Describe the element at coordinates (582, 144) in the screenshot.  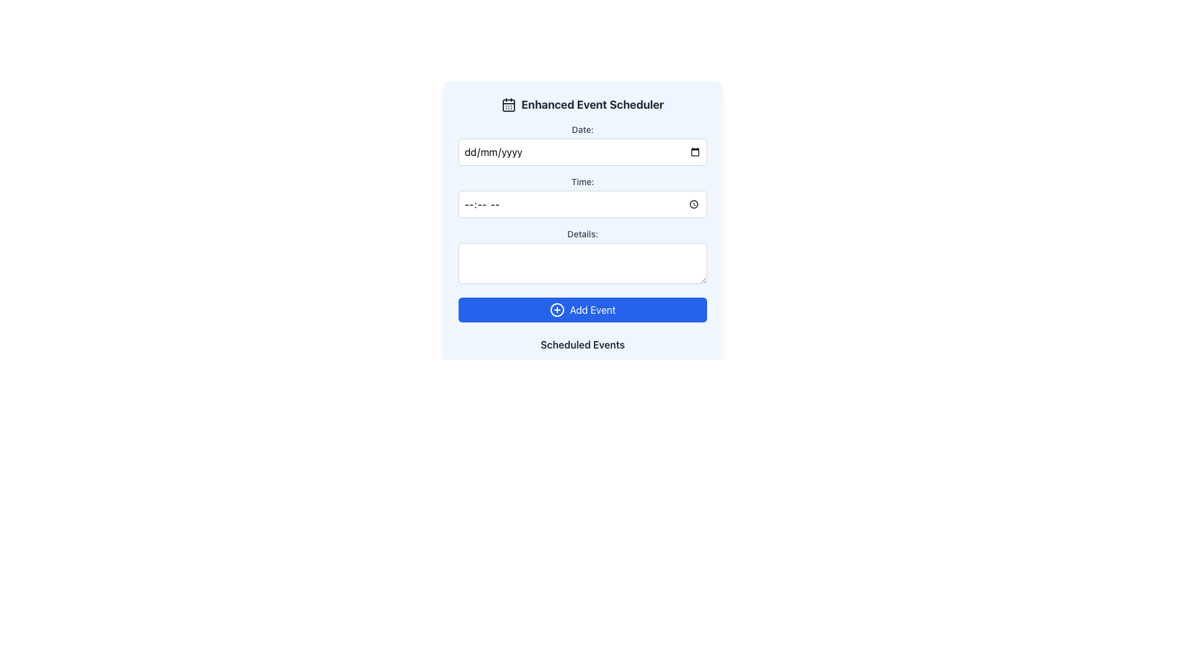
I see `the Date Input Field labeled 'Date:'` at that location.